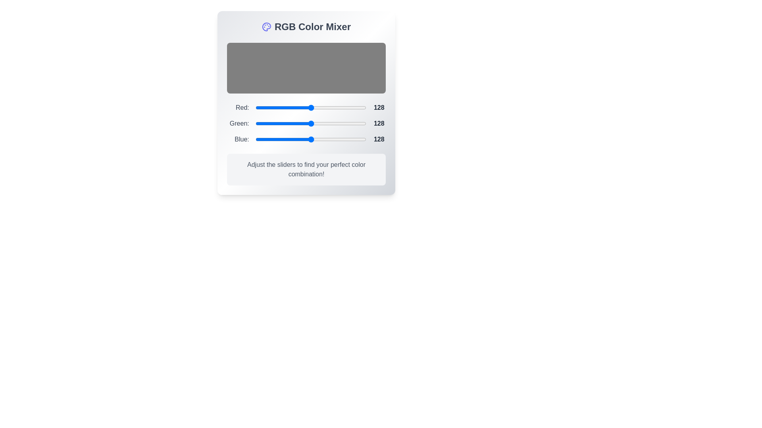 The height and width of the screenshot is (428, 762). Describe the element at coordinates (360, 124) in the screenshot. I see `the 1 slider to a value of 232` at that location.